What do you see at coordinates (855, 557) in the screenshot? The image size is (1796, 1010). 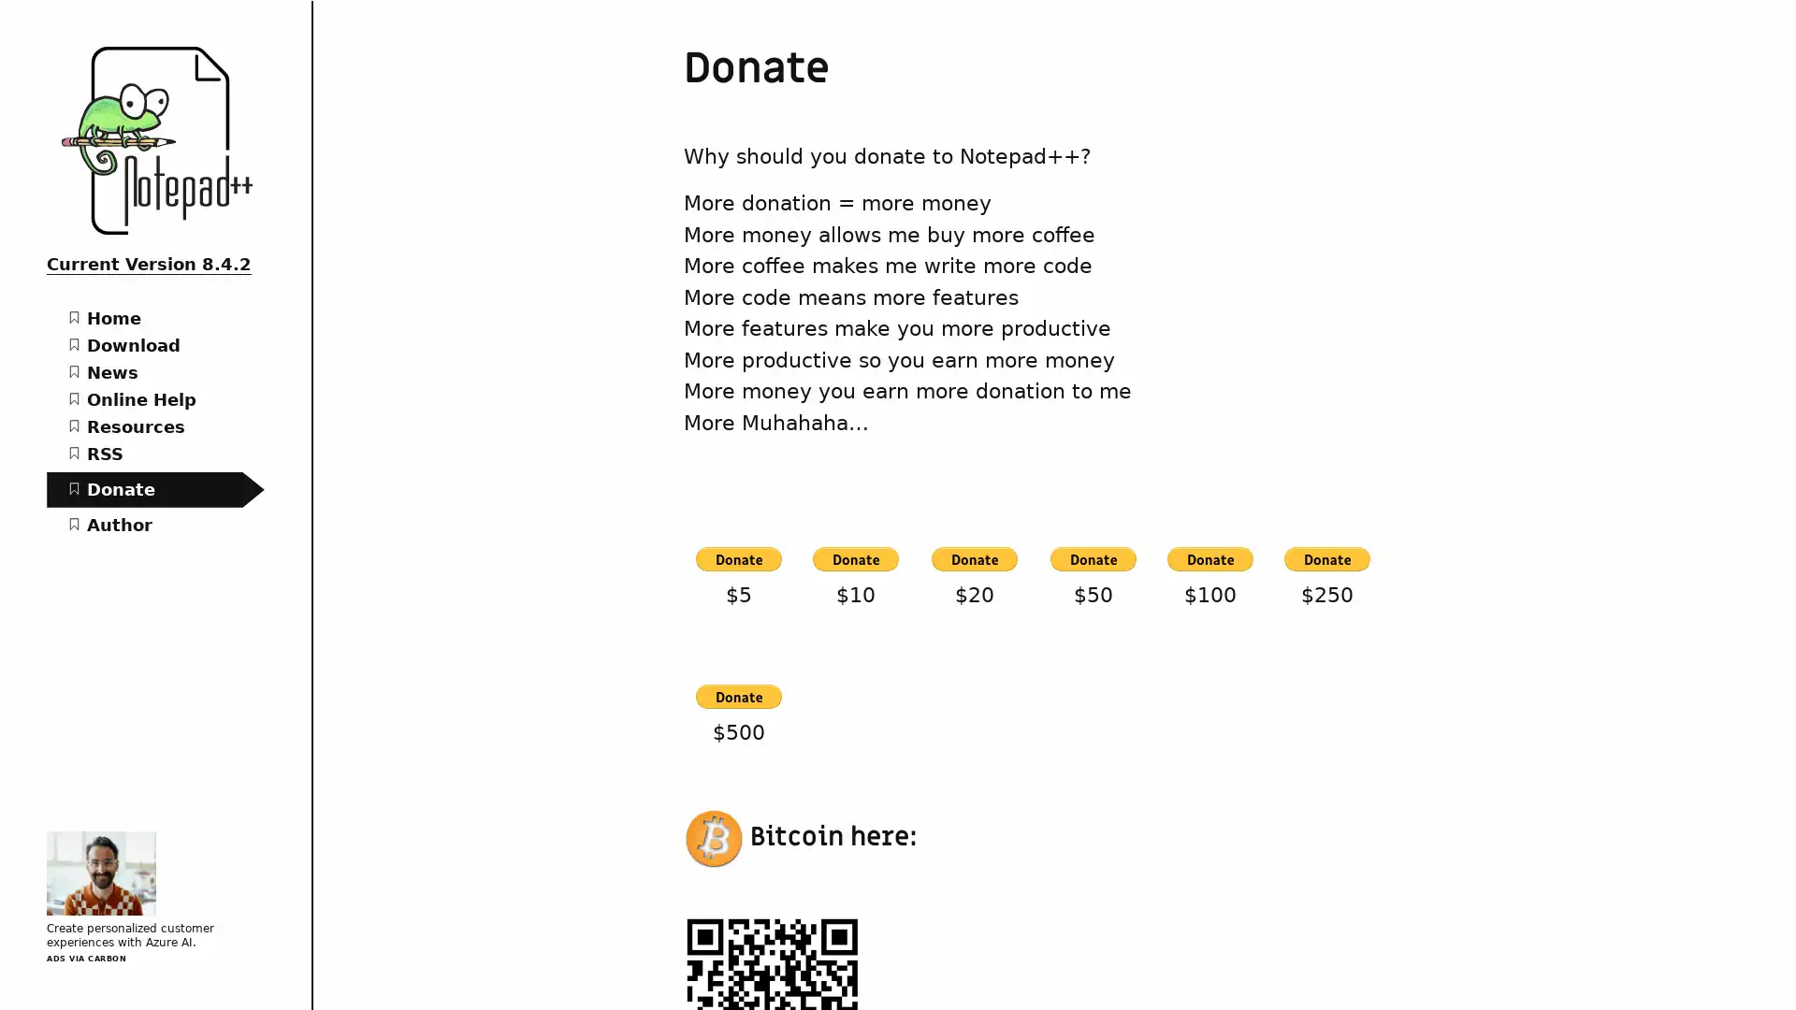 I see `PayPal - The safer, easier way to pay online!` at bounding box center [855, 557].